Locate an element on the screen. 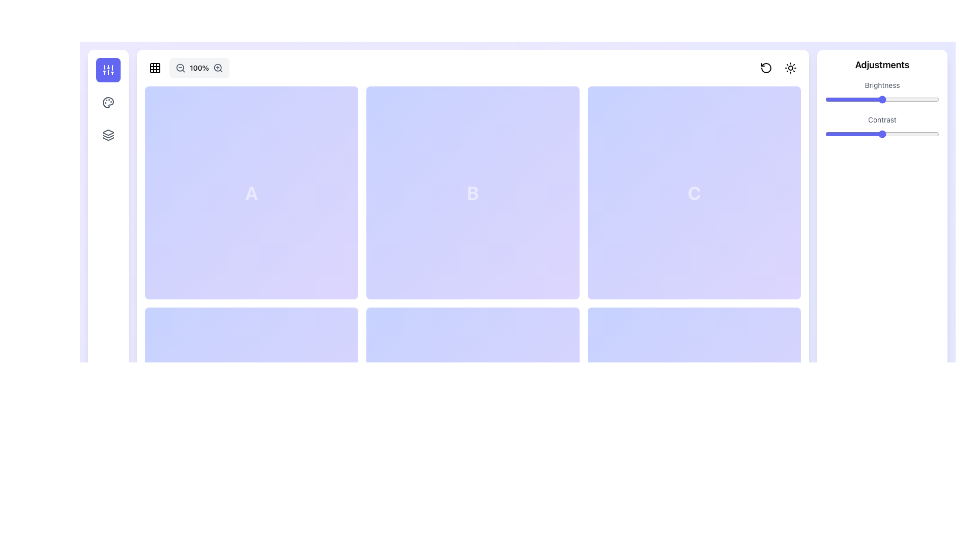 The width and height of the screenshot is (977, 549). the SVG icon in the side navbar that represents an art or design-related feature is located at coordinates (108, 102).